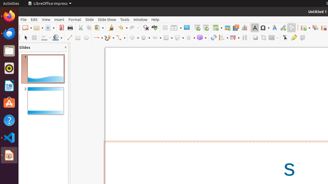  I want to click on 'Symbol Shapes', so click(145, 37).